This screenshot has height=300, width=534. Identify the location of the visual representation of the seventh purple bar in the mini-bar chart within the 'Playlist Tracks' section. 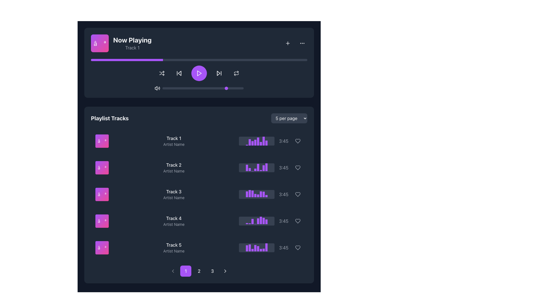
(263, 221).